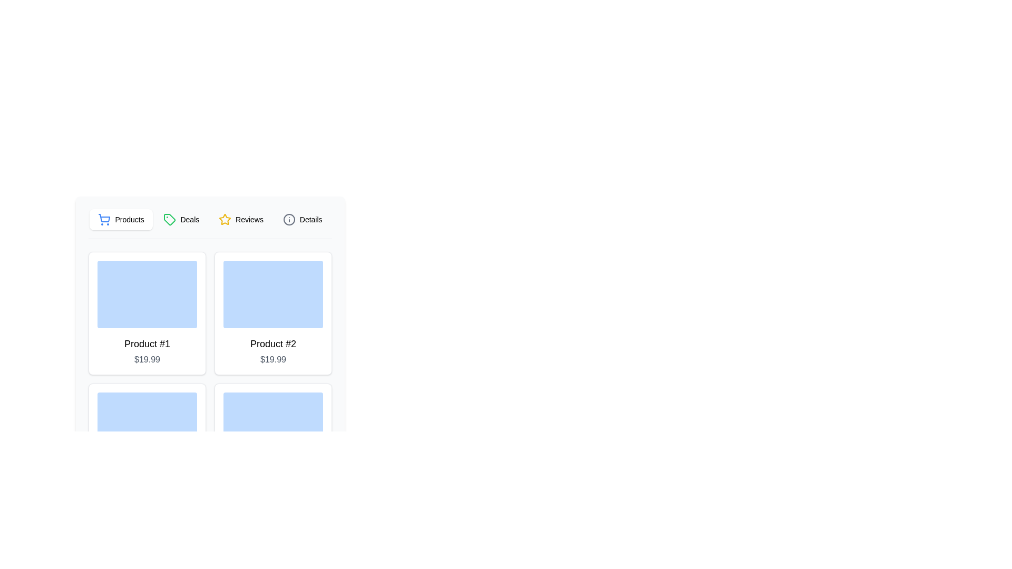 The height and width of the screenshot is (569, 1012). What do you see at coordinates (170, 219) in the screenshot?
I see `the 'Deals' menu entry that contains the green tag-like icon` at bounding box center [170, 219].